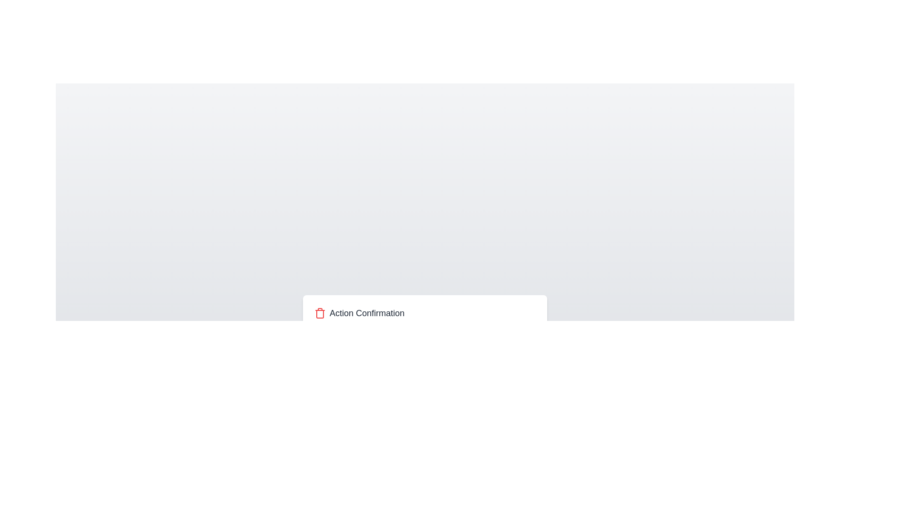 The height and width of the screenshot is (515, 916). What do you see at coordinates (320, 313) in the screenshot?
I see `the trash can icon located to the left of the 'Action Confirmation' label` at bounding box center [320, 313].